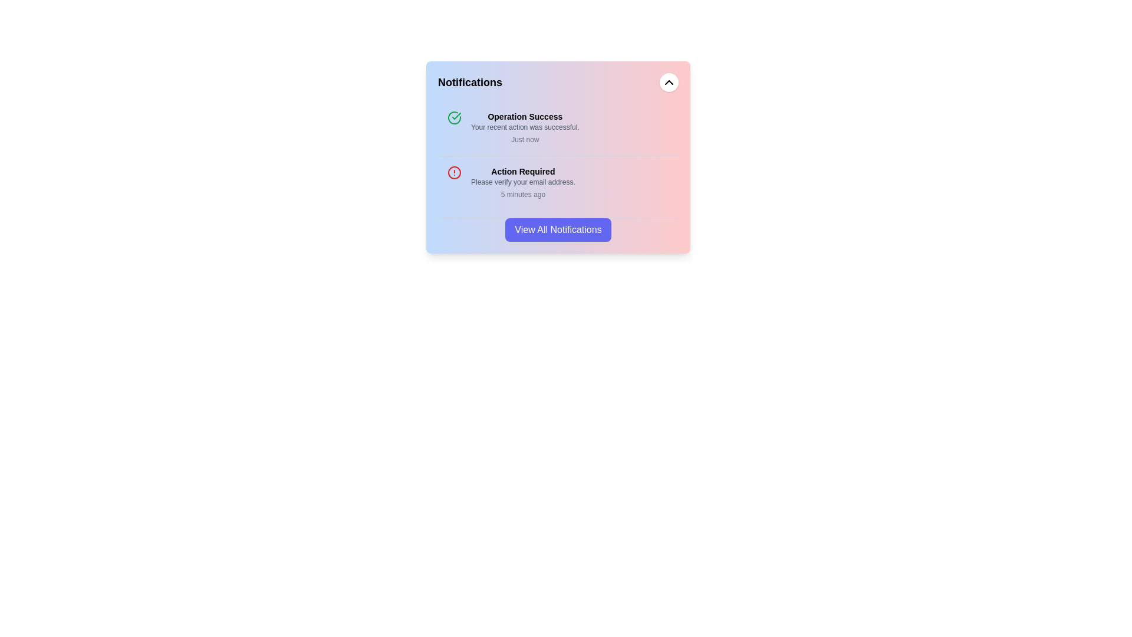 The height and width of the screenshot is (637, 1132). What do you see at coordinates (456, 116) in the screenshot?
I see `the success indicator icon located to the left of the 'Operation Success' text in the notification panel` at bounding box center [456, 116].